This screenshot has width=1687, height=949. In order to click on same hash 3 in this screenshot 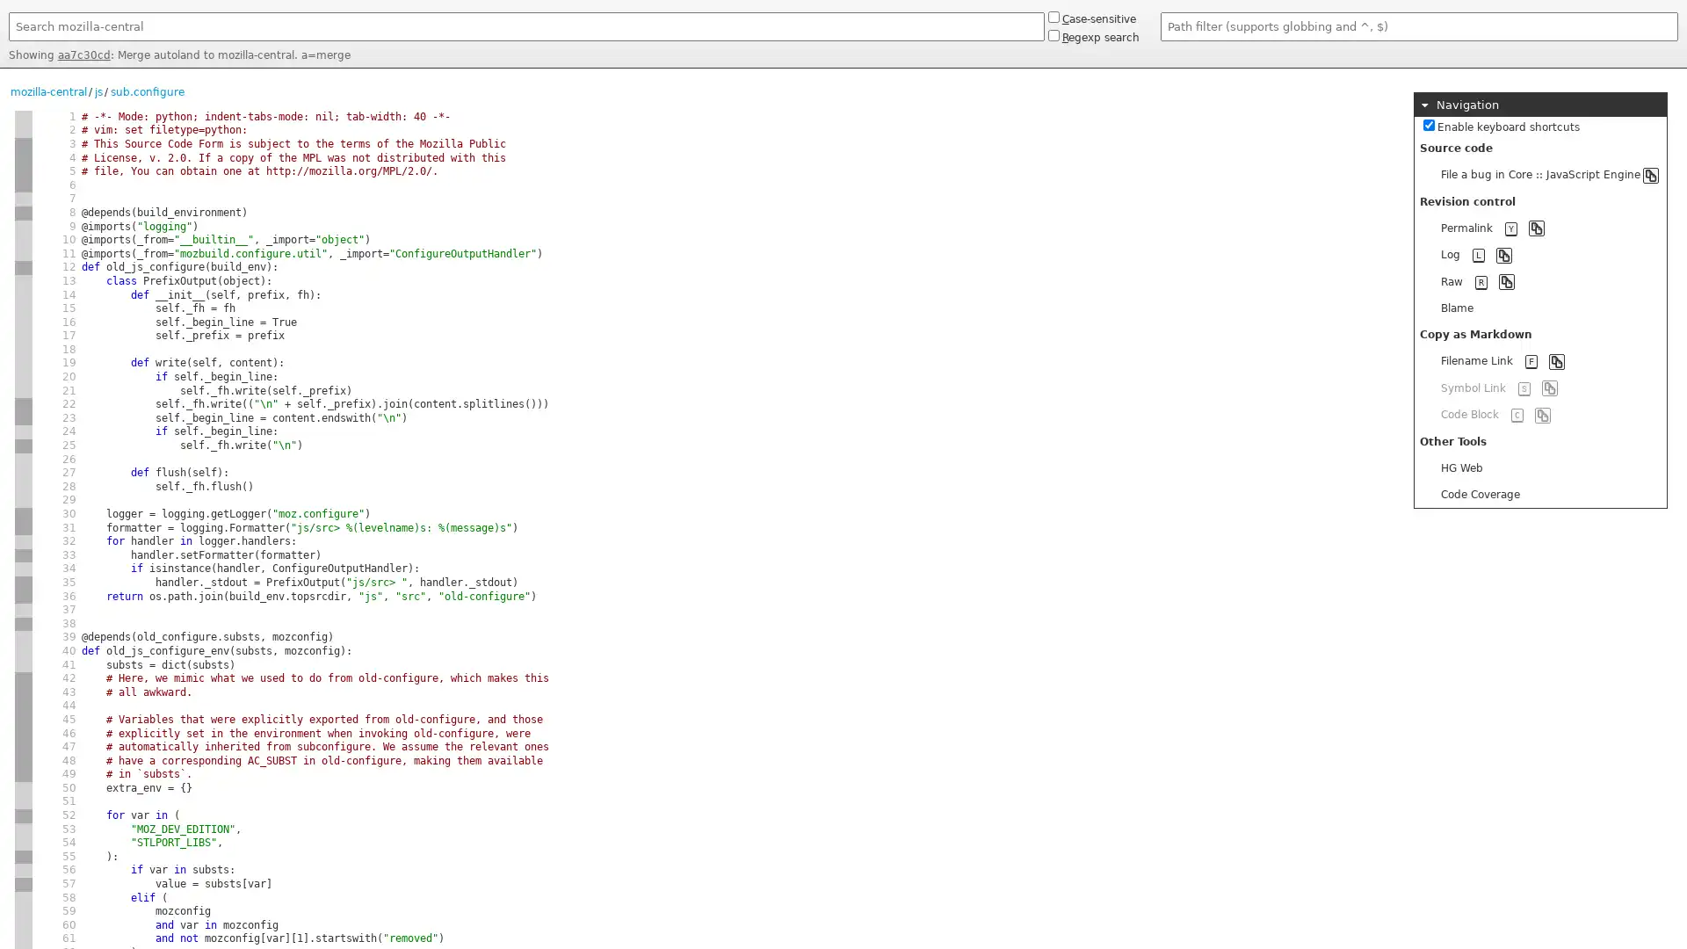, I will do `click(24, 240)`.